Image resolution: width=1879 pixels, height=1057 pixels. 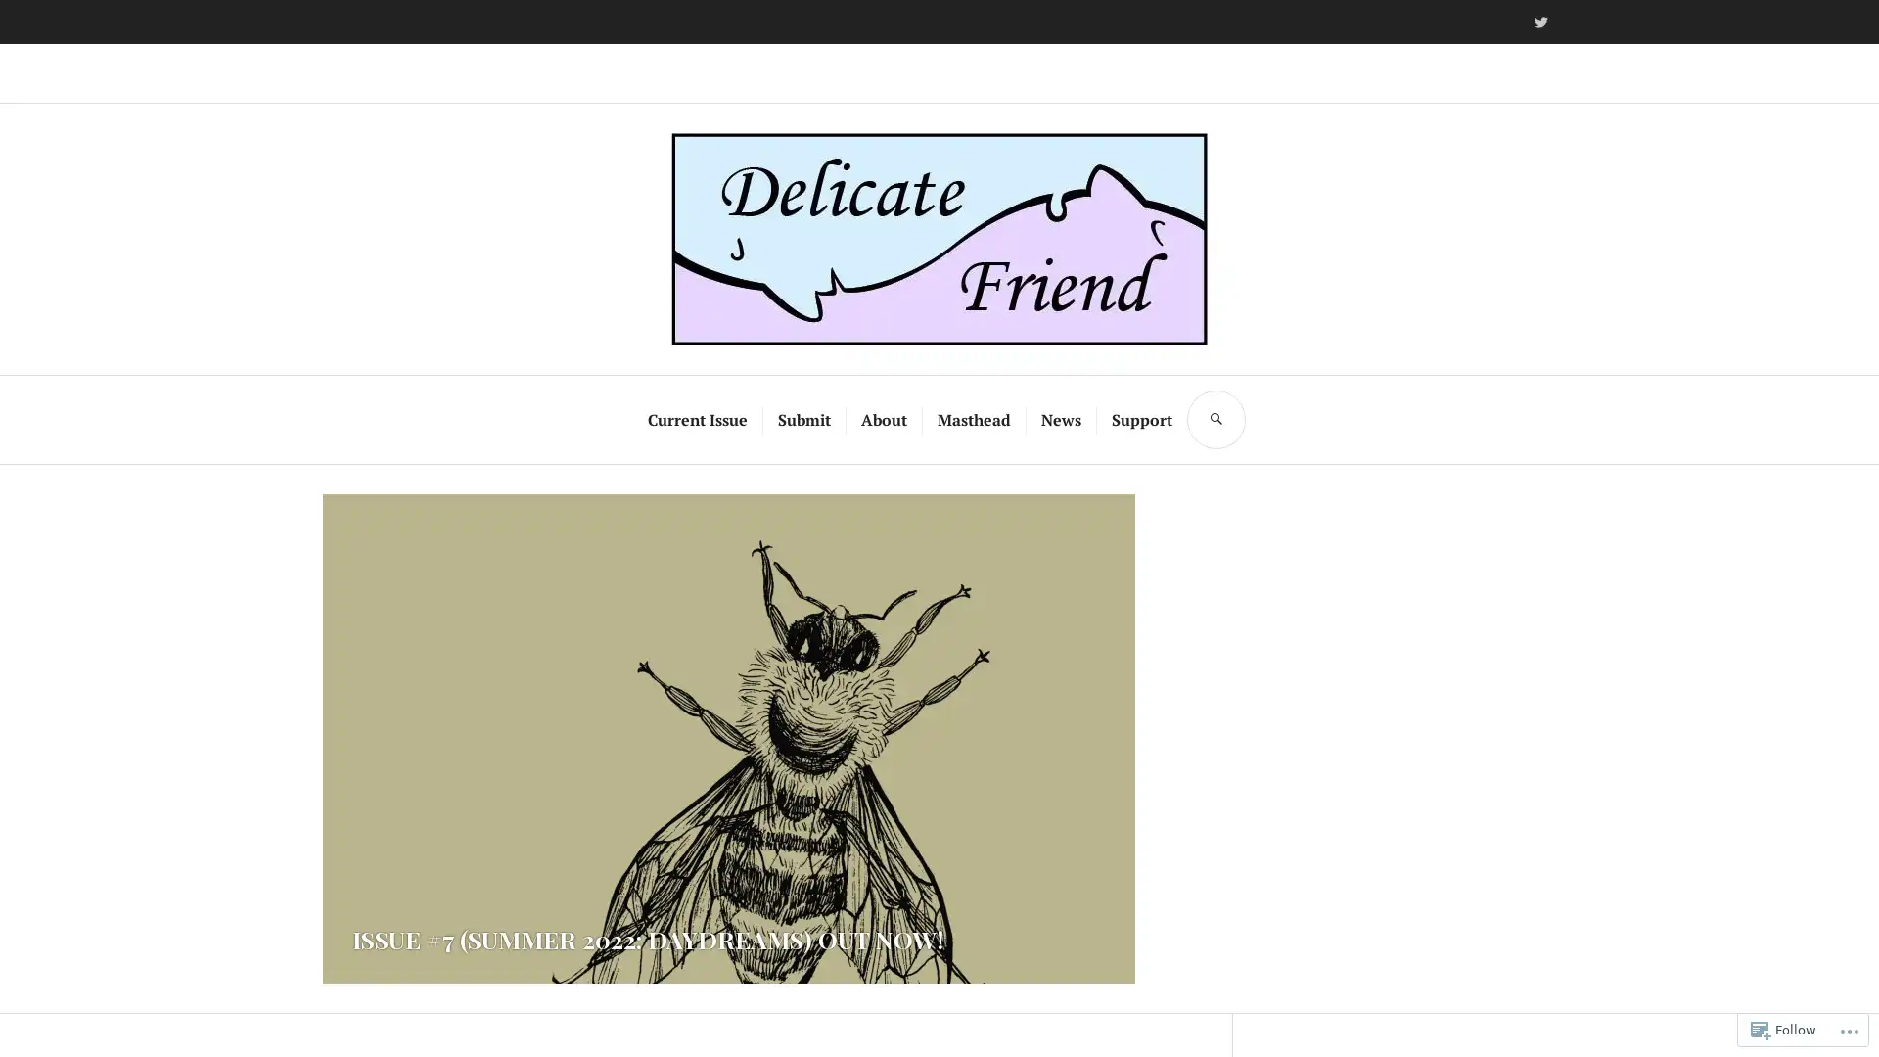 I want to click on SEARCH, so click(x=1215, y=403).